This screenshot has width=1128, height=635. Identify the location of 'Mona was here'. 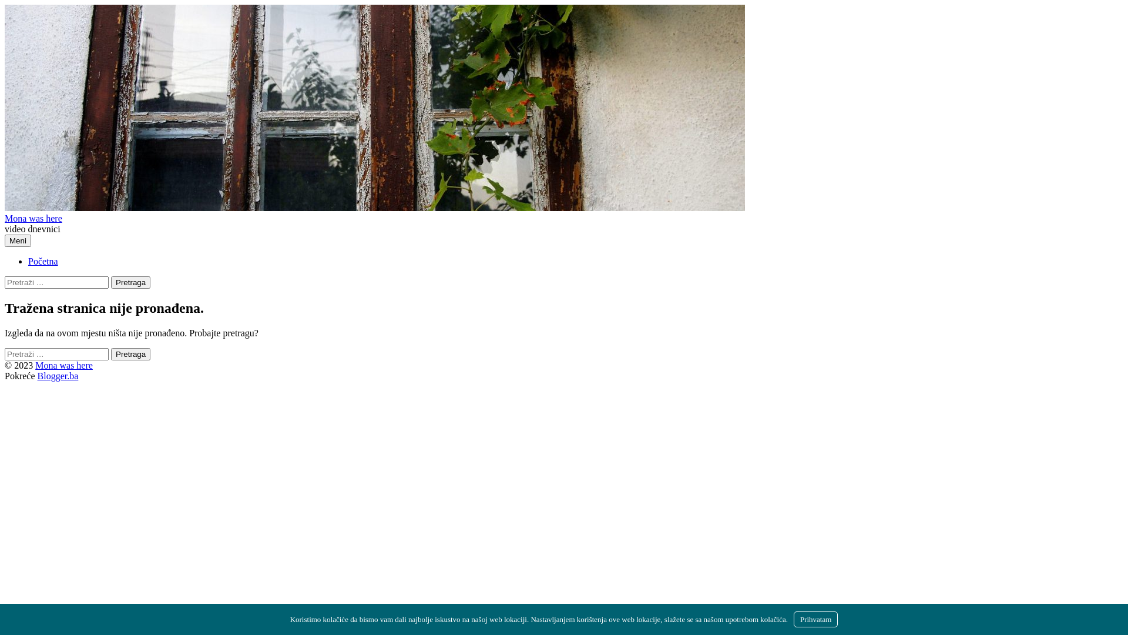
(5, 218).